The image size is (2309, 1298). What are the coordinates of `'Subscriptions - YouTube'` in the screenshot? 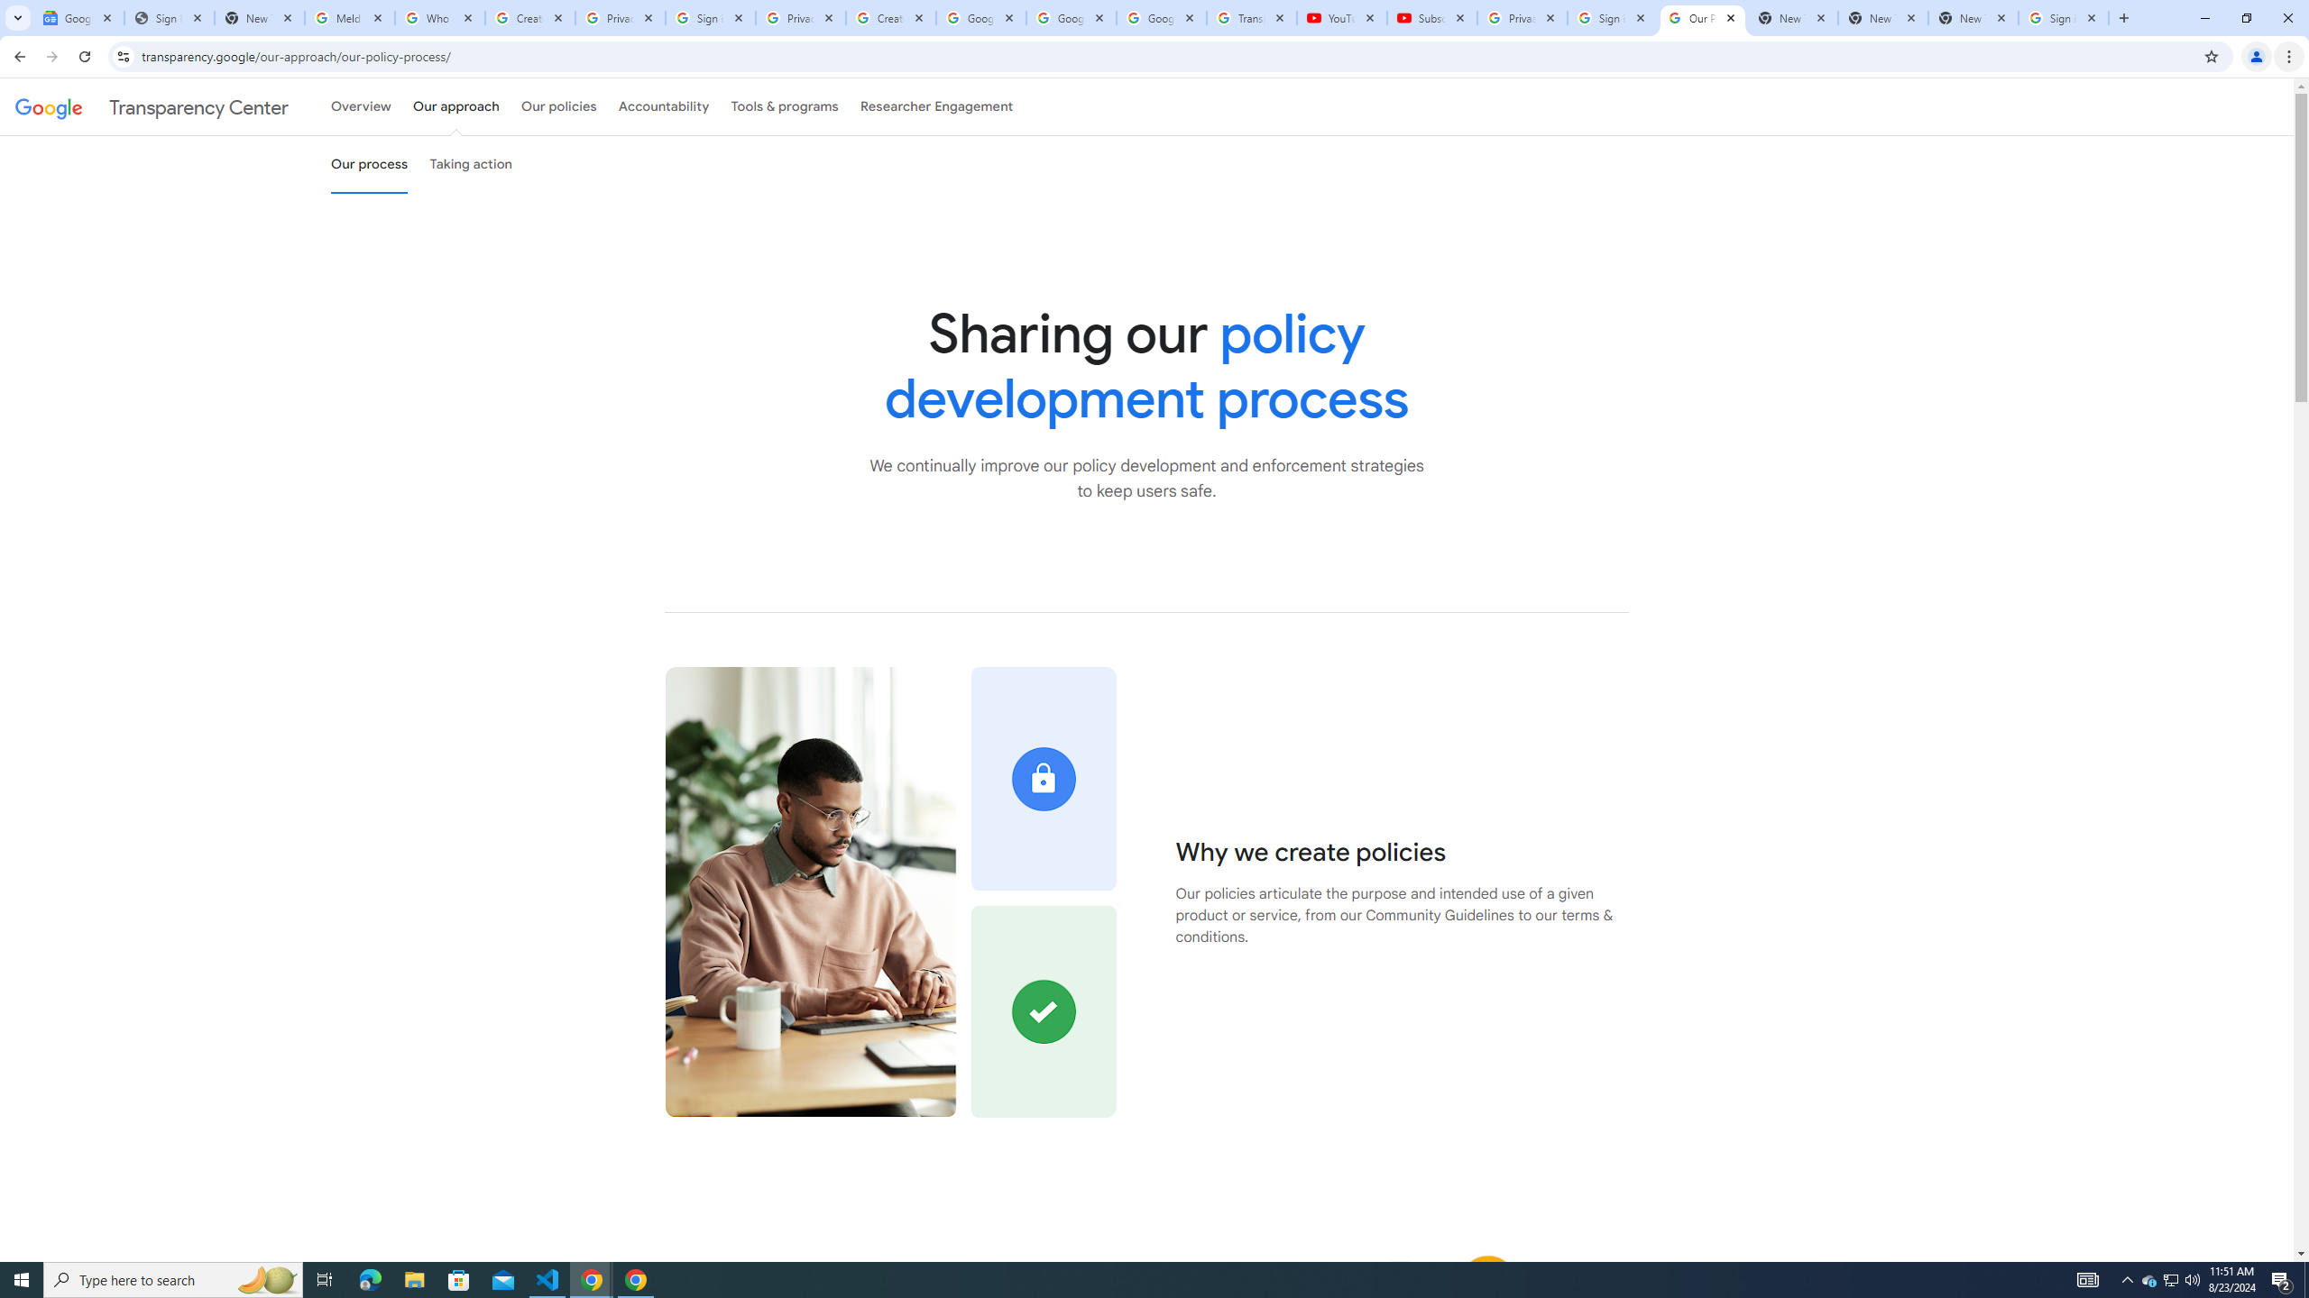 It's located at (1430, 17).